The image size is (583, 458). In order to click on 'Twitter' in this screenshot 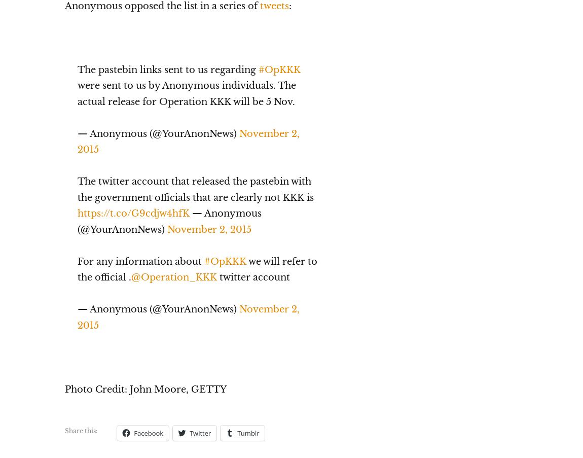, I will do `click(189, 432)`.